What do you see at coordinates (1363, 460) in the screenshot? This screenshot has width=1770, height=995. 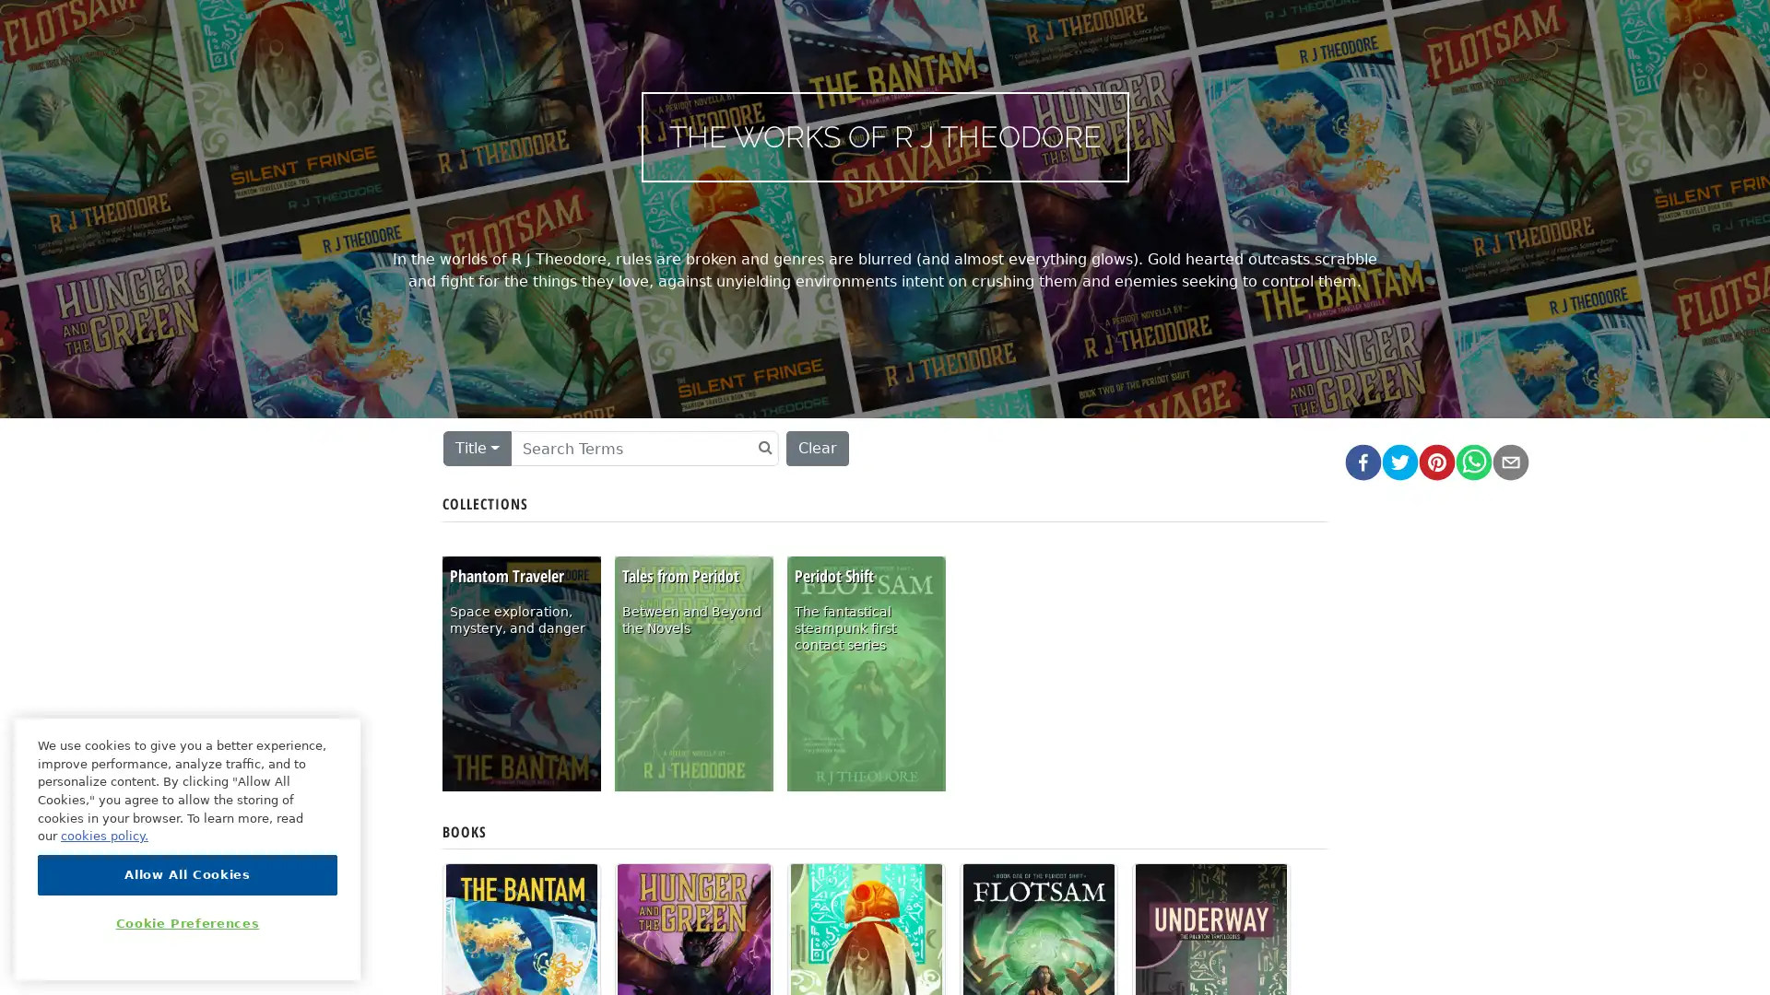 I see `facebook` at bounding box center [1363, 460].